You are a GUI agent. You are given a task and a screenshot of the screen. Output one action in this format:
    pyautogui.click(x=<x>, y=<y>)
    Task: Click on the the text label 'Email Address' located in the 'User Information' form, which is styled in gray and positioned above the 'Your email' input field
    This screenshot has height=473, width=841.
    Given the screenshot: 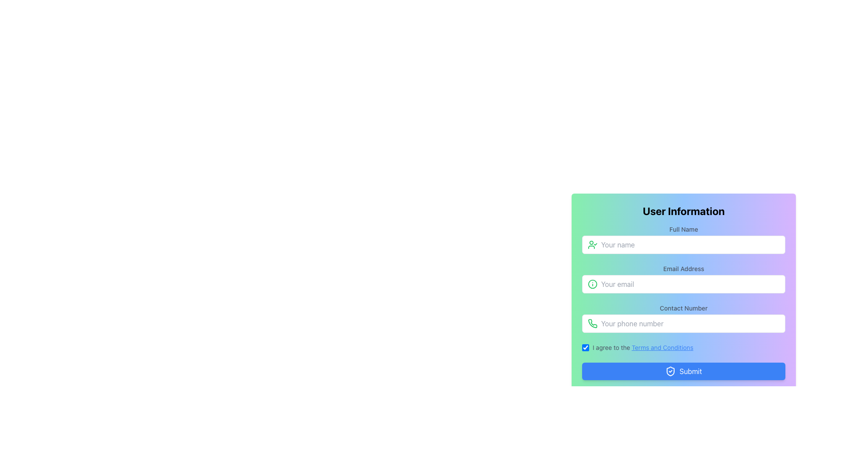 What is the action you would take?
    pyautogui.click(x=683, y=268)
    